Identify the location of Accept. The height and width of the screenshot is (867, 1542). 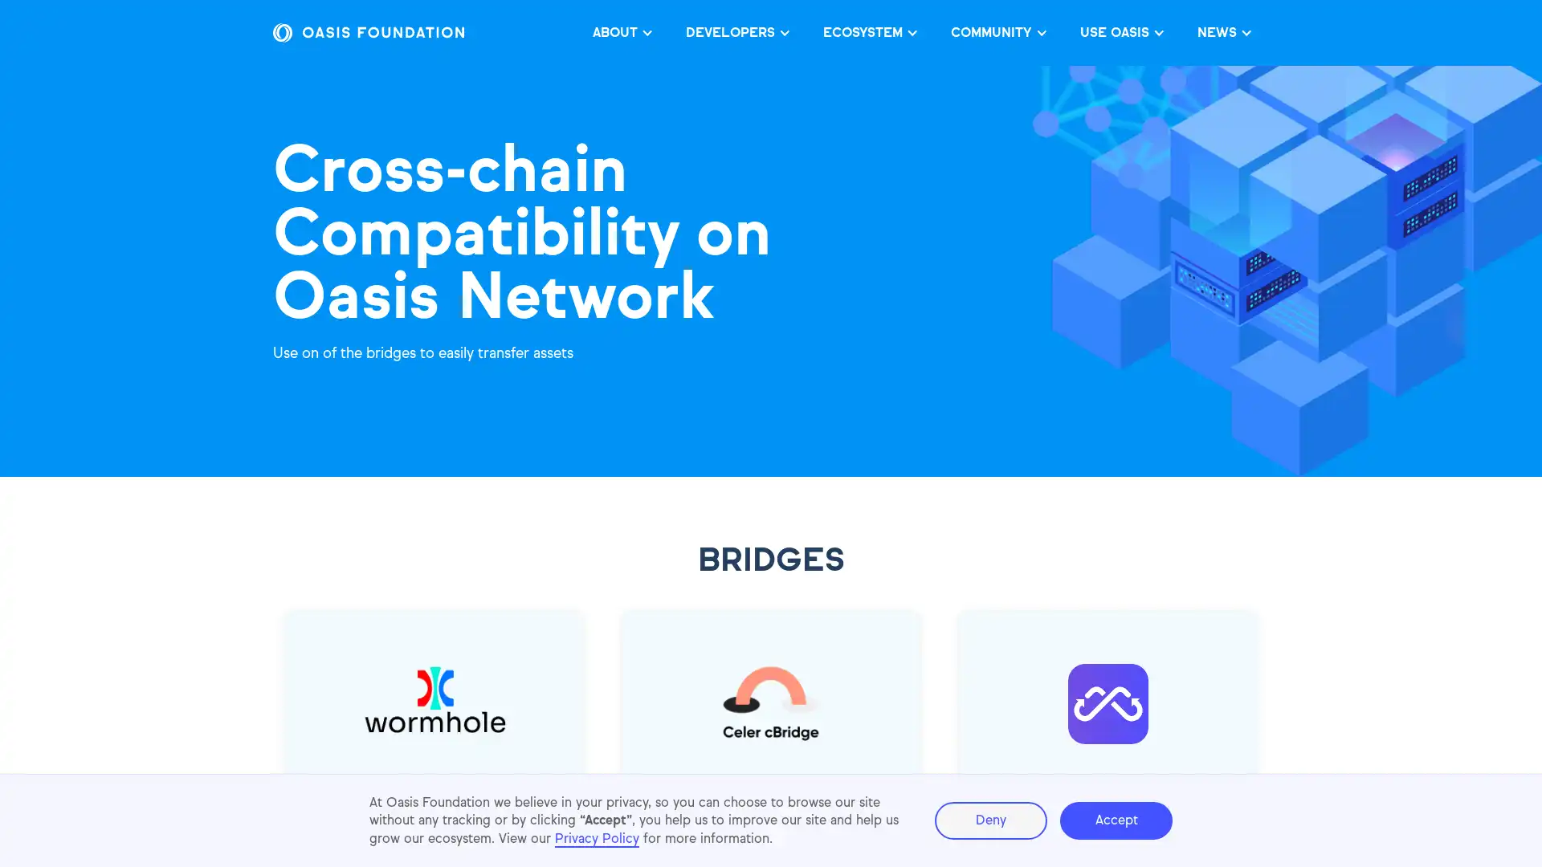
(1116, 820).